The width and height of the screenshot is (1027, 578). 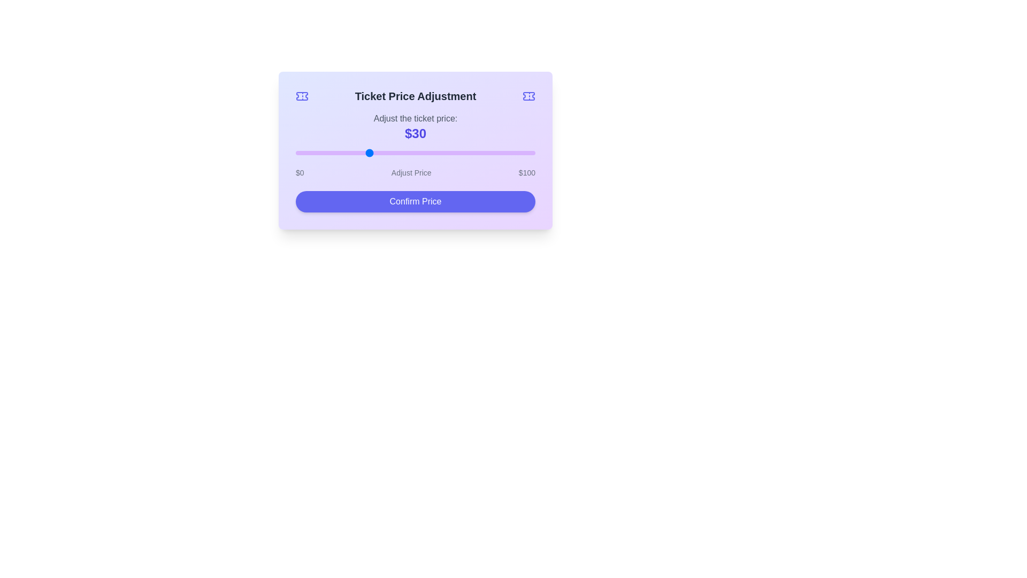 What do you see at coordinates (523, 153) in the screenshot?
I see `the ticket price to 95 using the slider` at bounding box center [523, 153].